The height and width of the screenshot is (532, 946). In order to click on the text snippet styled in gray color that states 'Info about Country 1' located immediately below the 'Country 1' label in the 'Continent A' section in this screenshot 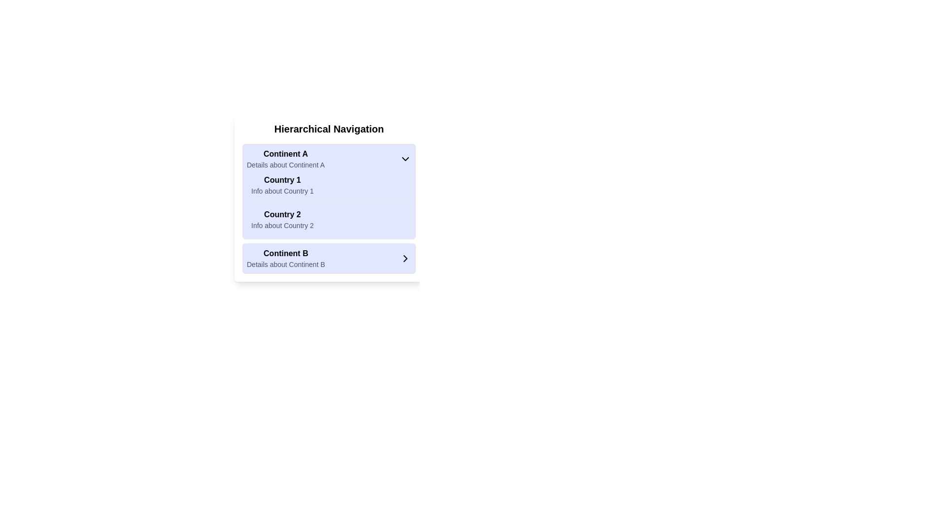, I will do `click(282, 191)`.